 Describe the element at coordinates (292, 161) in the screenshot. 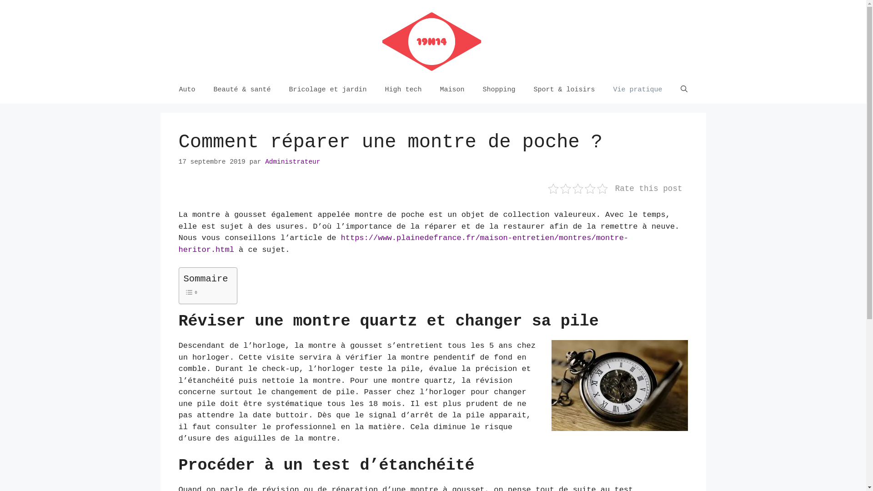

I see `'Administrateur'` at that location.